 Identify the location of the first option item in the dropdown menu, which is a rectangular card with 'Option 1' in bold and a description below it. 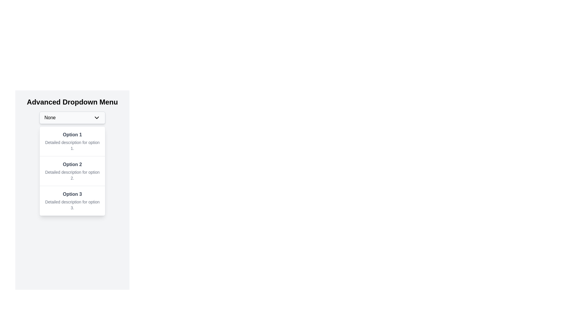
(72, 141).